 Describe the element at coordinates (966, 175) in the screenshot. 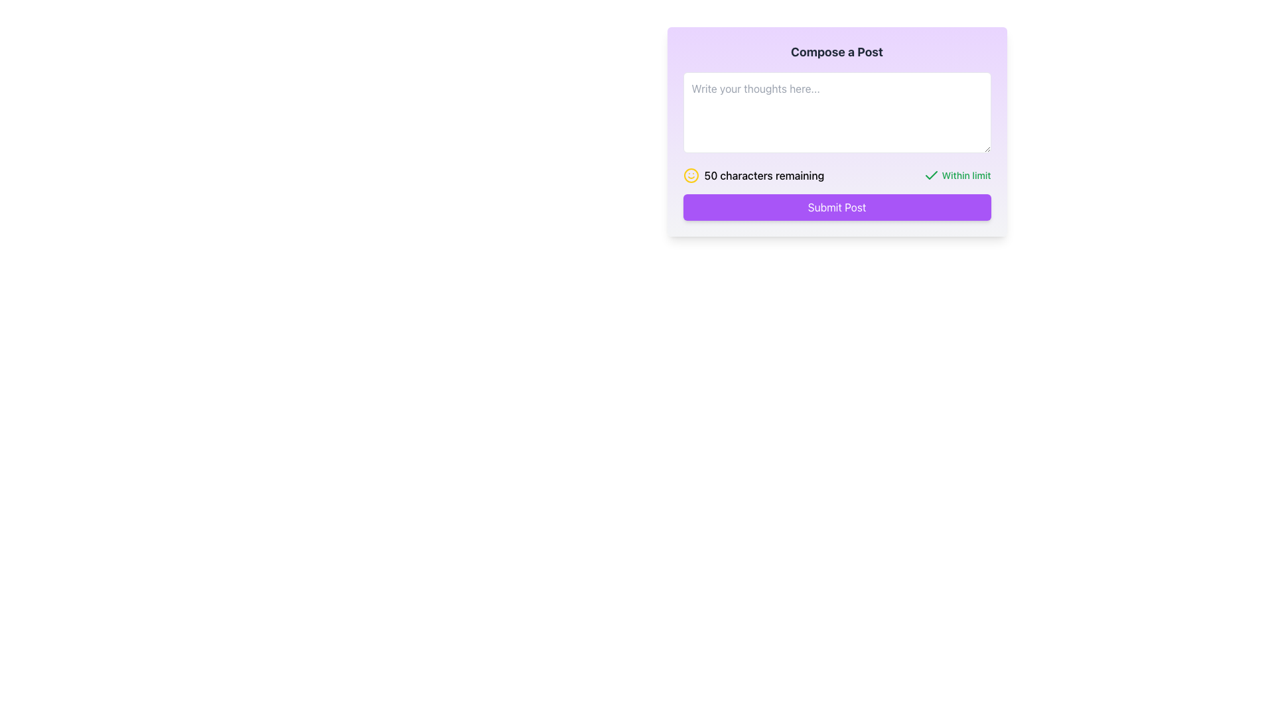

I see `status indicator label located at the bottom right corner of the post composition area, which appears immediately to the right of a green checkmark icon` at that location.